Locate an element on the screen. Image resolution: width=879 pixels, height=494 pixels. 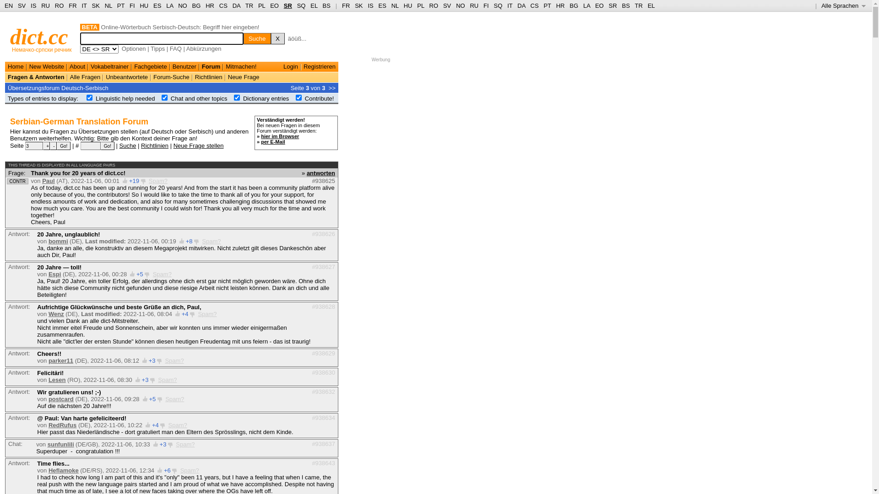
'IT' is located at coordinates (509, 5).